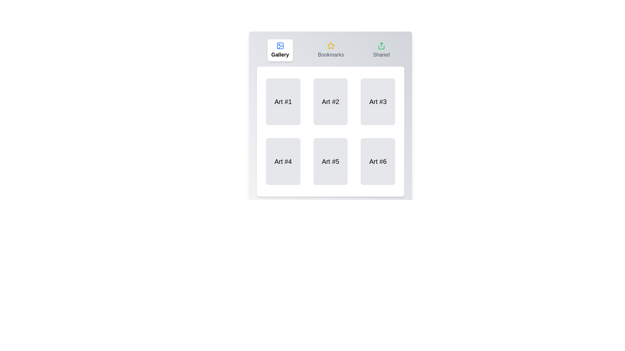 Image resolution: width=625 pixels, height=351 pixels. Describe the element at coordinates (381, 50) in the screenshot. I see `the tab labeled Shared to trigger its visual feedback` at that location.